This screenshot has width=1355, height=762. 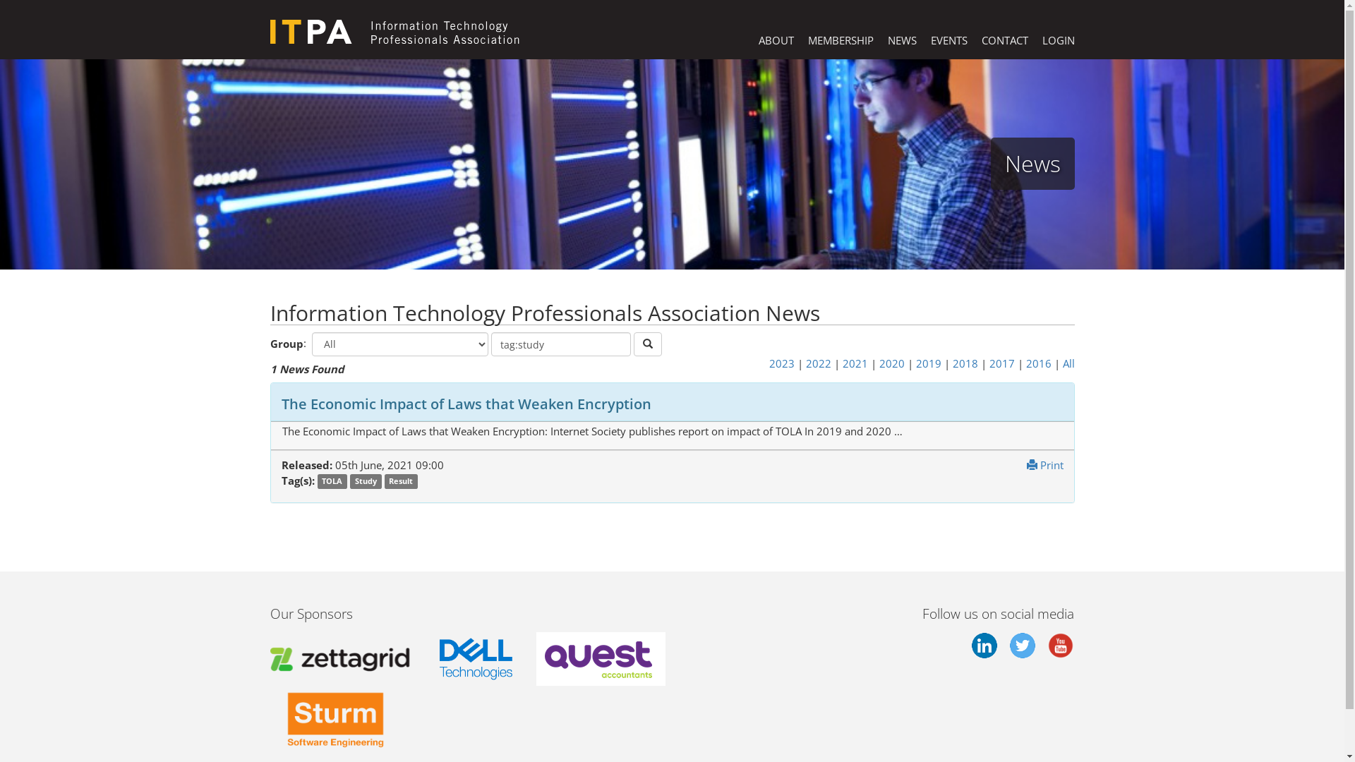 I want to click on 'Quest Accountants', so click(x=601, y=658).